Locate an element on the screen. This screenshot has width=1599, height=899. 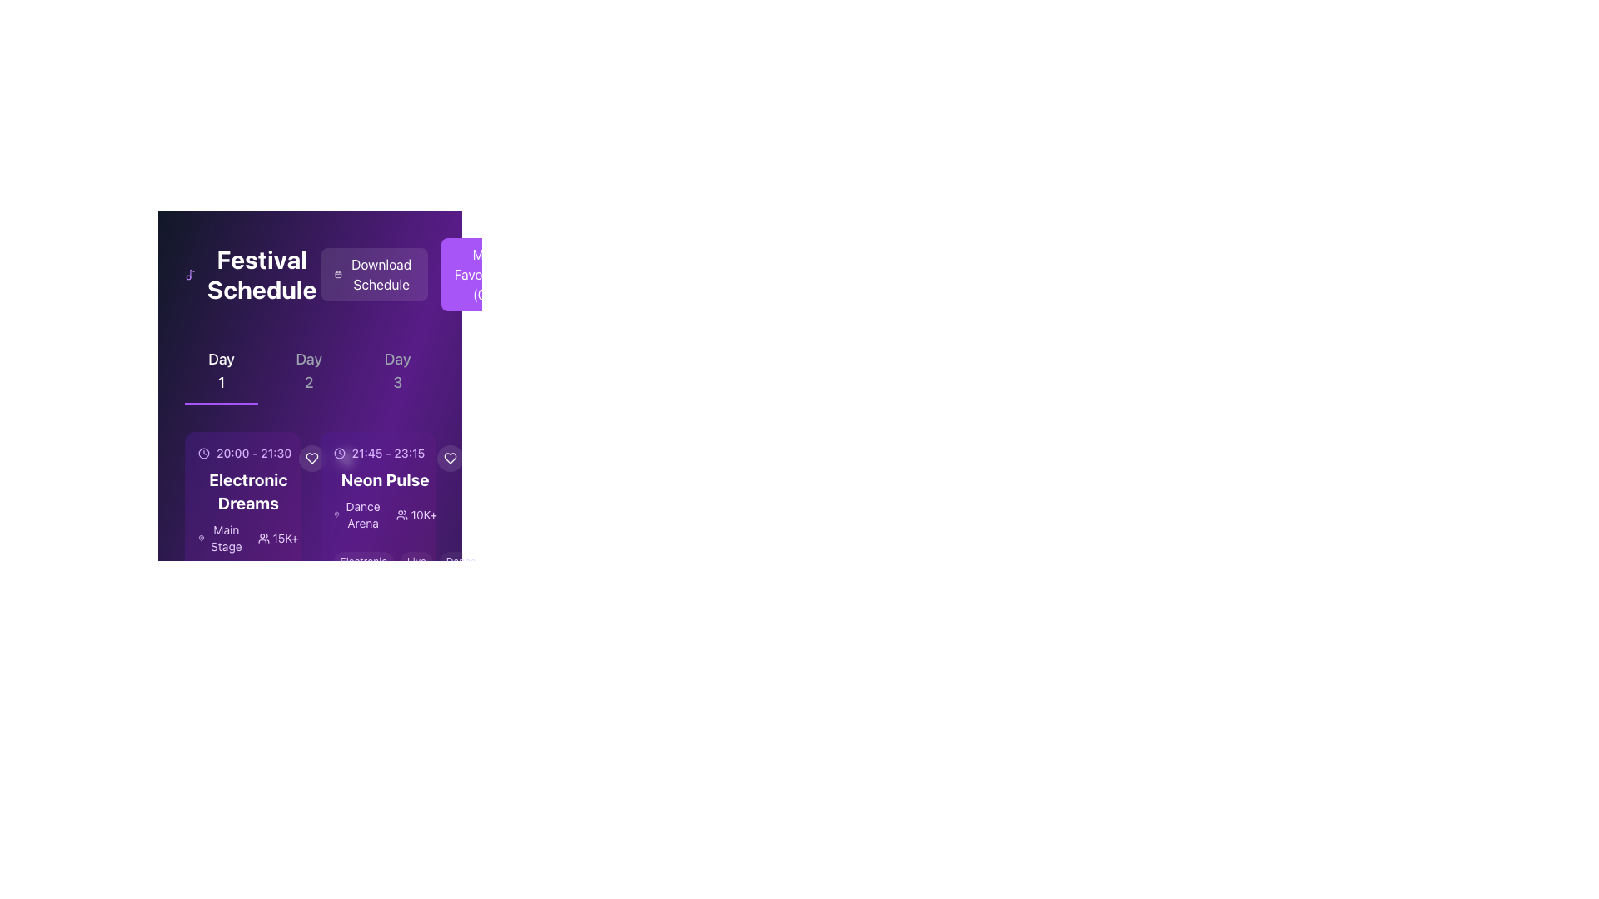
the clock icon that represents the time range for the event, located to the left of the time range '21:45 - 23:15' and below the event name 'Neon Pulse' is located at coordinates (338, 453).